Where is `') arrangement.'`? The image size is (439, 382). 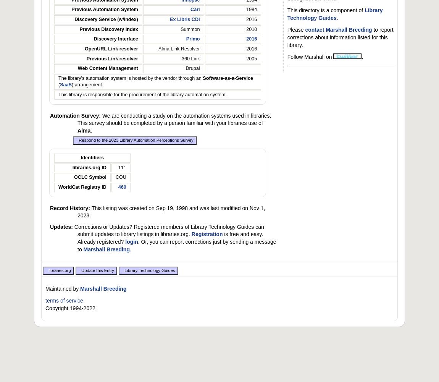 ') arrangement.' is located at coordinates (87, 84).